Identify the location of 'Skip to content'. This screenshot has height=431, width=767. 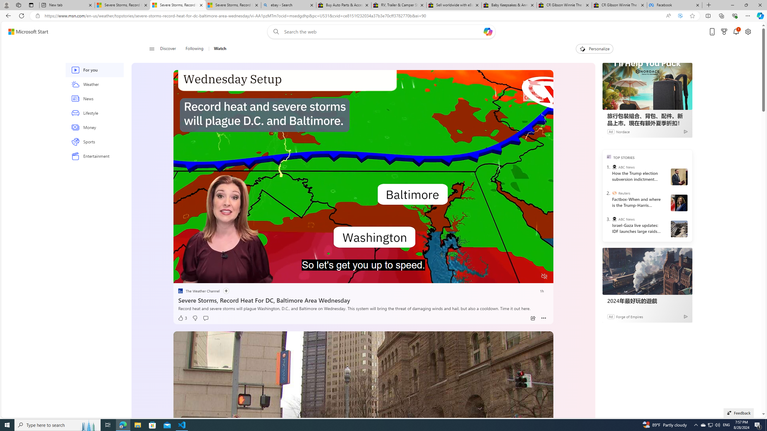
(26, 31).